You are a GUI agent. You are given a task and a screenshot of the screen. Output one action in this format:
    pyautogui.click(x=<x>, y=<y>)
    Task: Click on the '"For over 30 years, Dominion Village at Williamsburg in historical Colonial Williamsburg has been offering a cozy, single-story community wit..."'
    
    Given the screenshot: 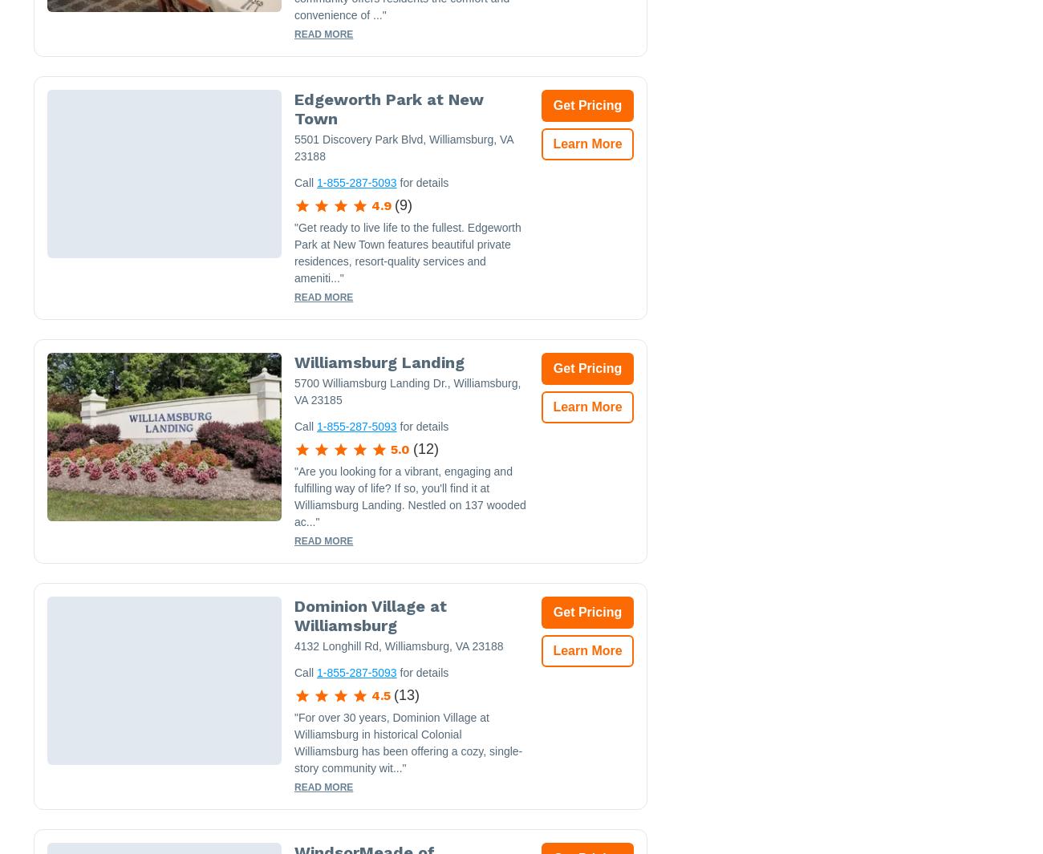 What is the action you would take?
    pyautogui.click(x=408, y=743)
    